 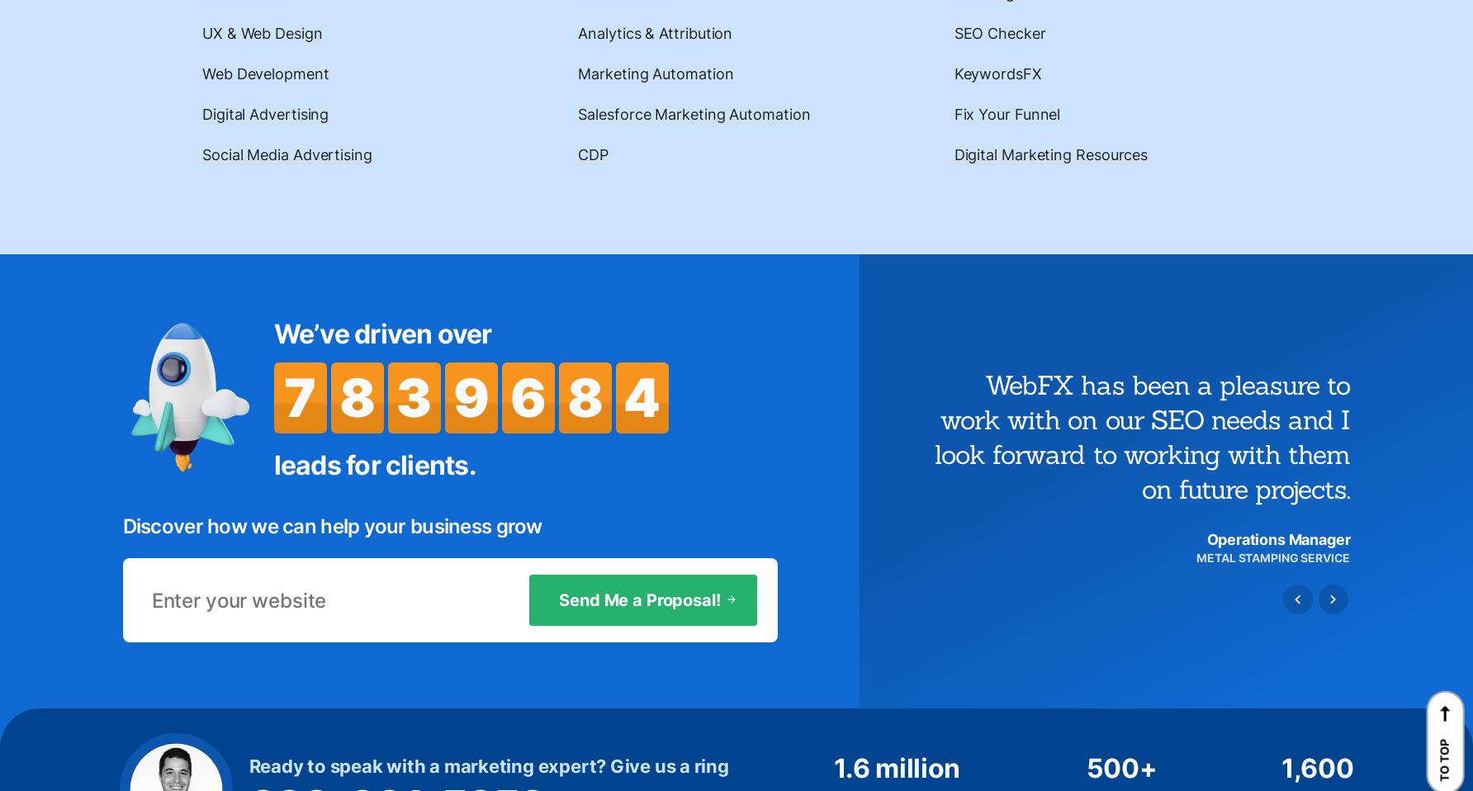 What do you see at coordinates (634, 414) in the screenshot?
I see `'Content Marketing Agency'` at bounding box center [634, 414].